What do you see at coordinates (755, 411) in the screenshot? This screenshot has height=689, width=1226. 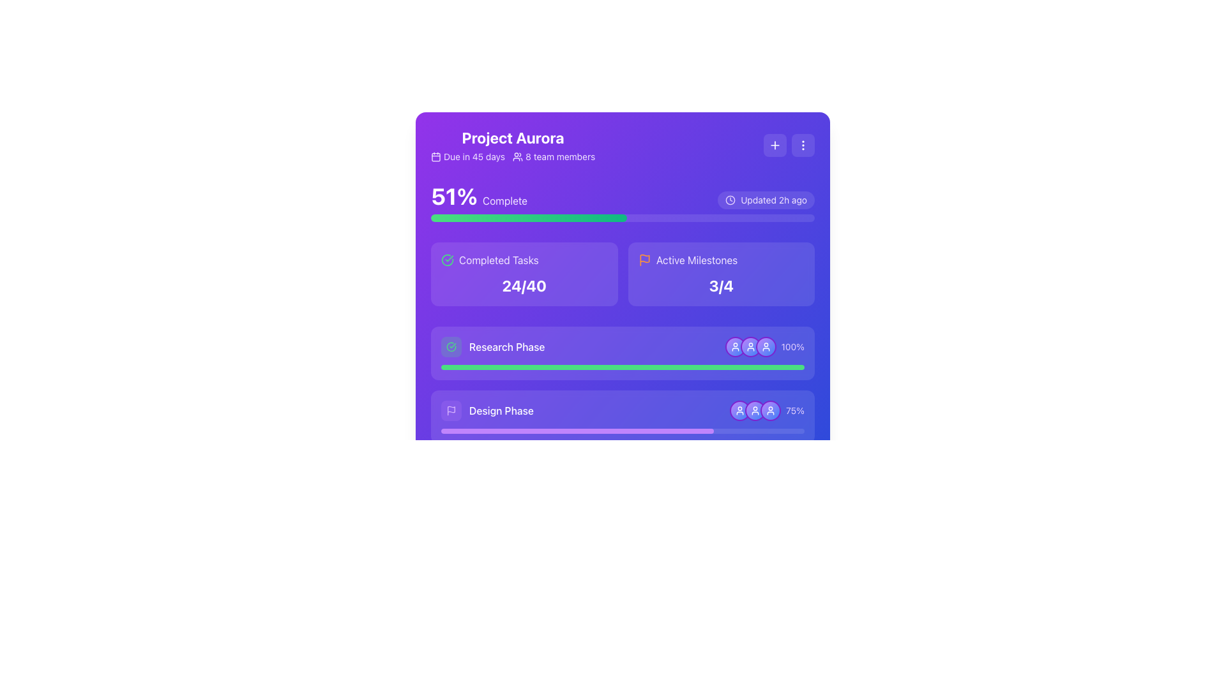 I see `the user avatar graphical element with a gradient background and white user icon, positioned at the center among three similar avatars in the 'Design Phase' section` at bounding box center [755, 411].